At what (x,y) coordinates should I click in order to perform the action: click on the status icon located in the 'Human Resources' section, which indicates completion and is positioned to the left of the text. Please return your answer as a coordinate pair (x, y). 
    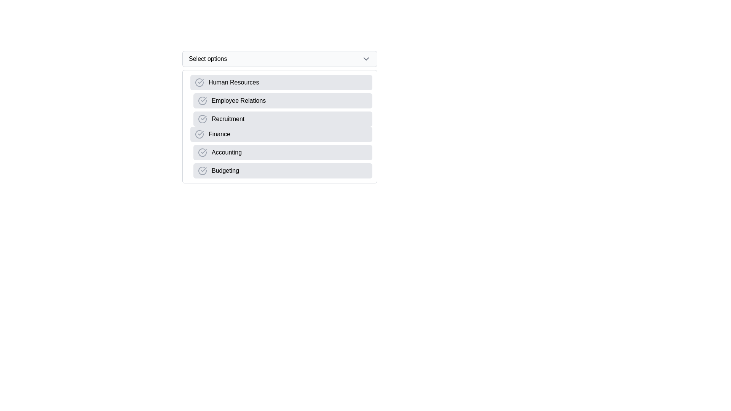
    Looking at the image, I should click on (199, 82).